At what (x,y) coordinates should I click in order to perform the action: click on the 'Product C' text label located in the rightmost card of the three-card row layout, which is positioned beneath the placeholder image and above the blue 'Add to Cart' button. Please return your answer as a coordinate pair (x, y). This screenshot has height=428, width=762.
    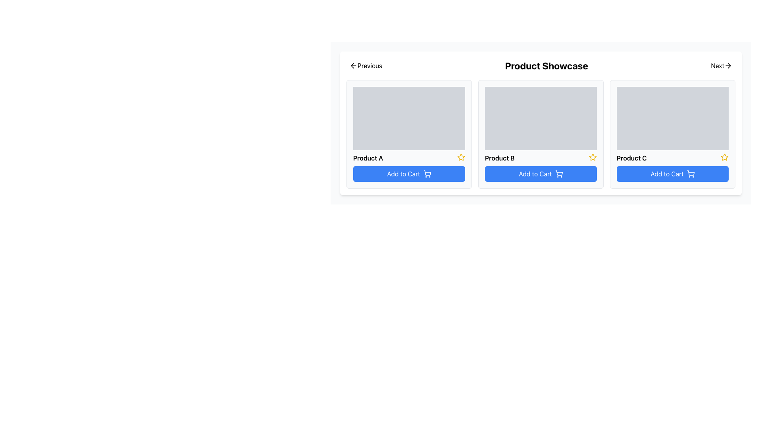
    Looking at the image, I should click on (631, 158).